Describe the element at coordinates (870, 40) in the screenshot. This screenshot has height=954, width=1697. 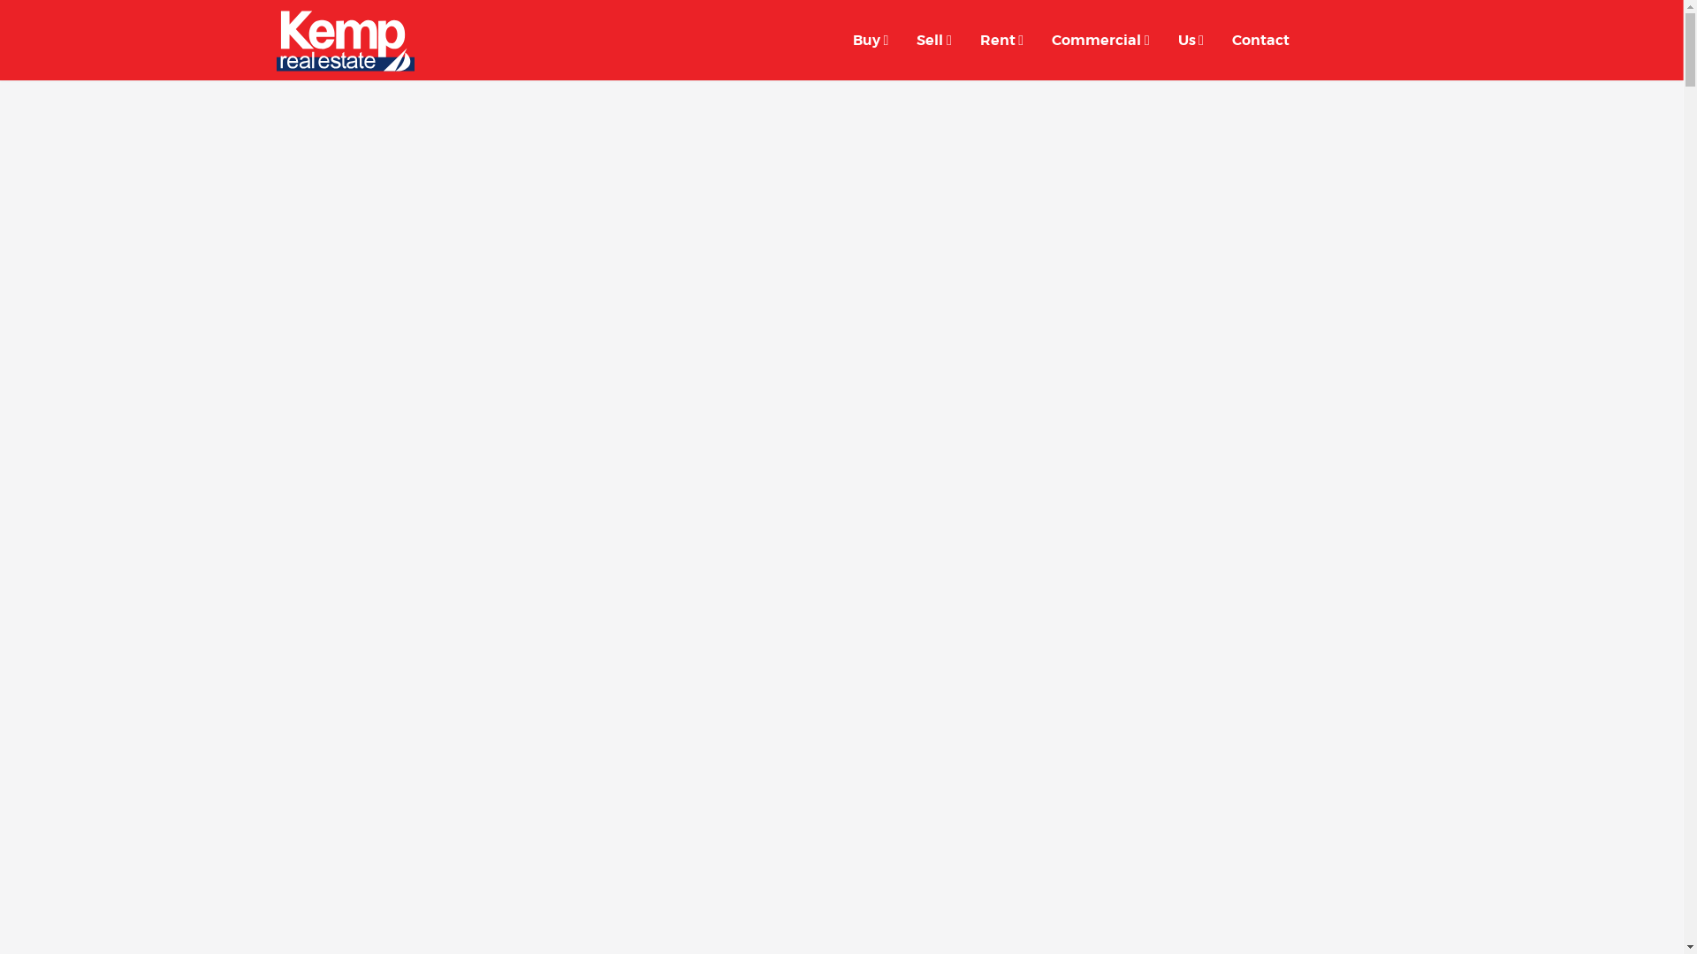
I see `'Buy'` at that location.